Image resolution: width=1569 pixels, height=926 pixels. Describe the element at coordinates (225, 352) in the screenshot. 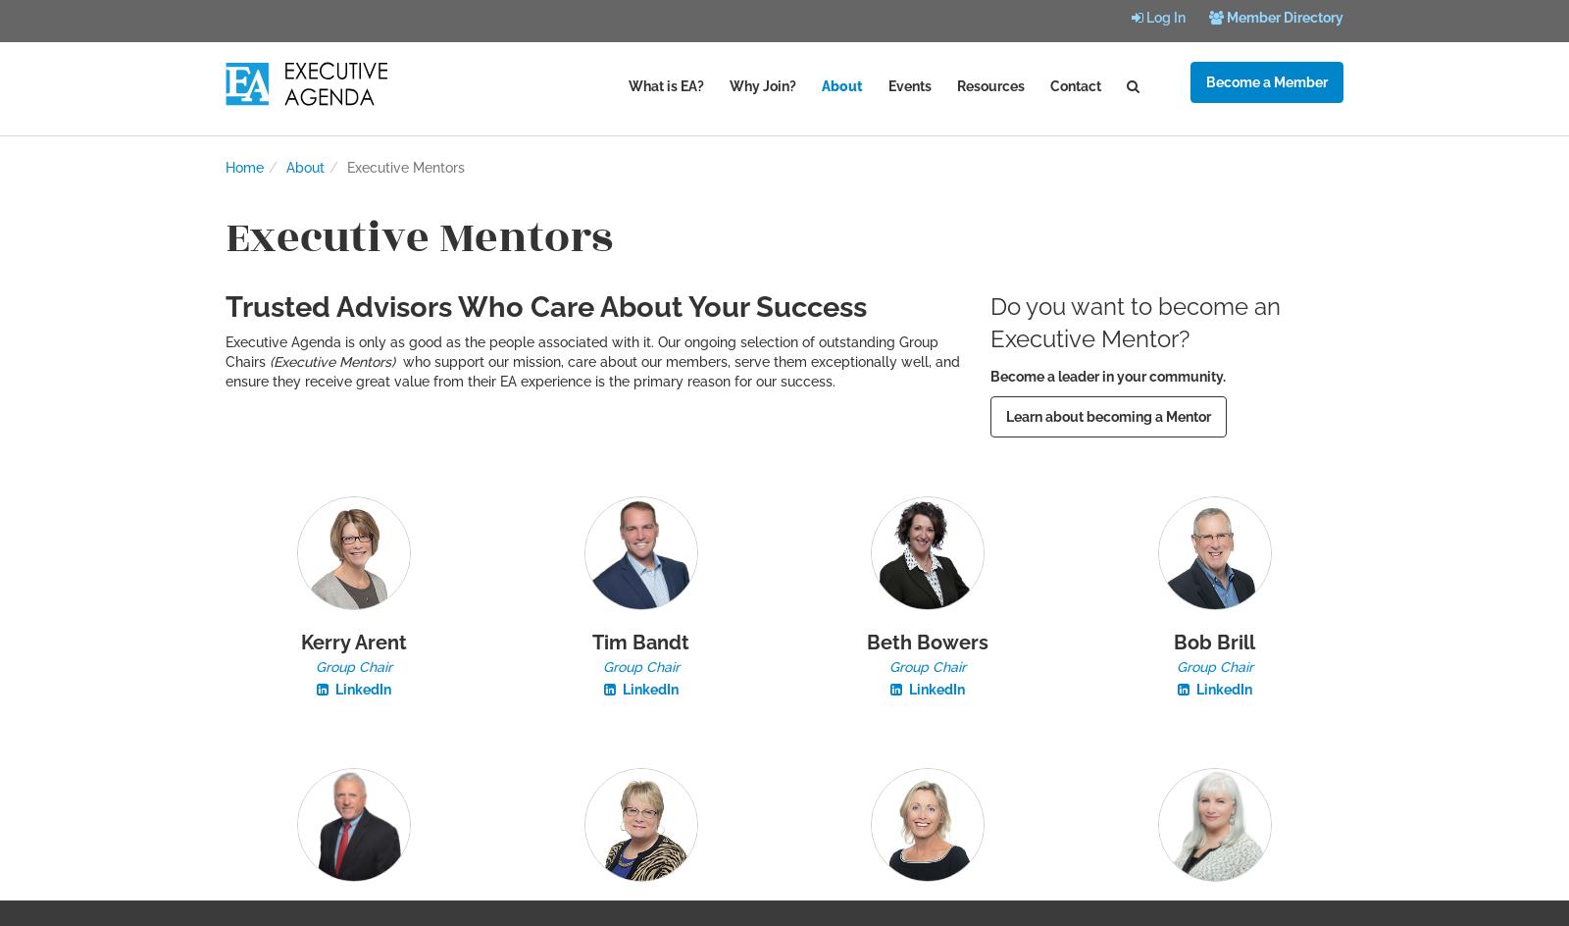

I see `'Executive Agenda is only as good as the people associated with it. Our ongoing selection of outstanding Group Chairs'` at that location.